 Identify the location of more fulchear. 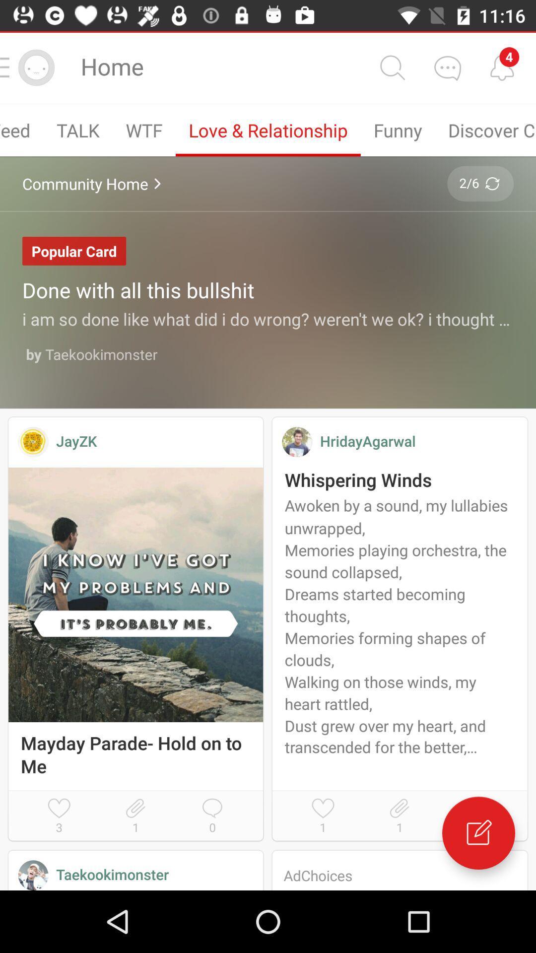
(447, 67).